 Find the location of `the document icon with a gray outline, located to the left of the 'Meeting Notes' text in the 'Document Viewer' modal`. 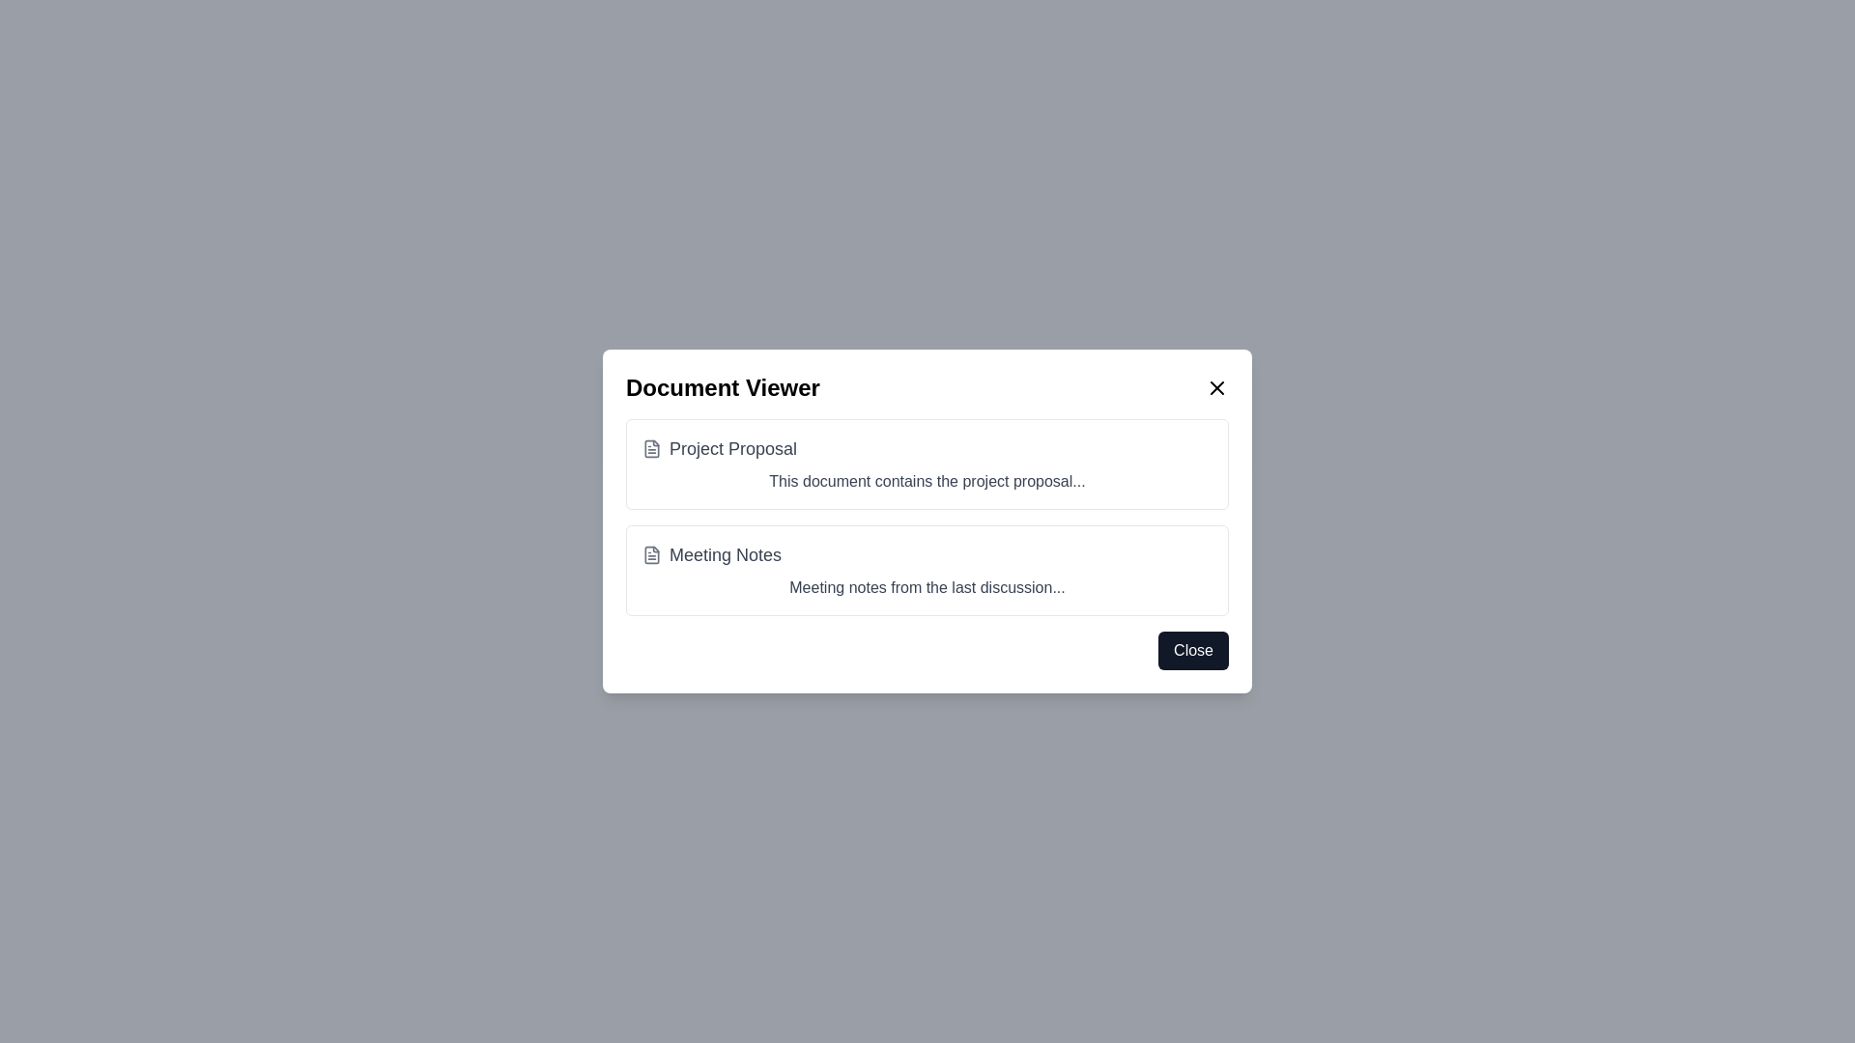

the document icon with a gray outline, located to the left of the 'Meeting Notes' text in the 'Document Viewer' modal is located at coordinates (652, 554).